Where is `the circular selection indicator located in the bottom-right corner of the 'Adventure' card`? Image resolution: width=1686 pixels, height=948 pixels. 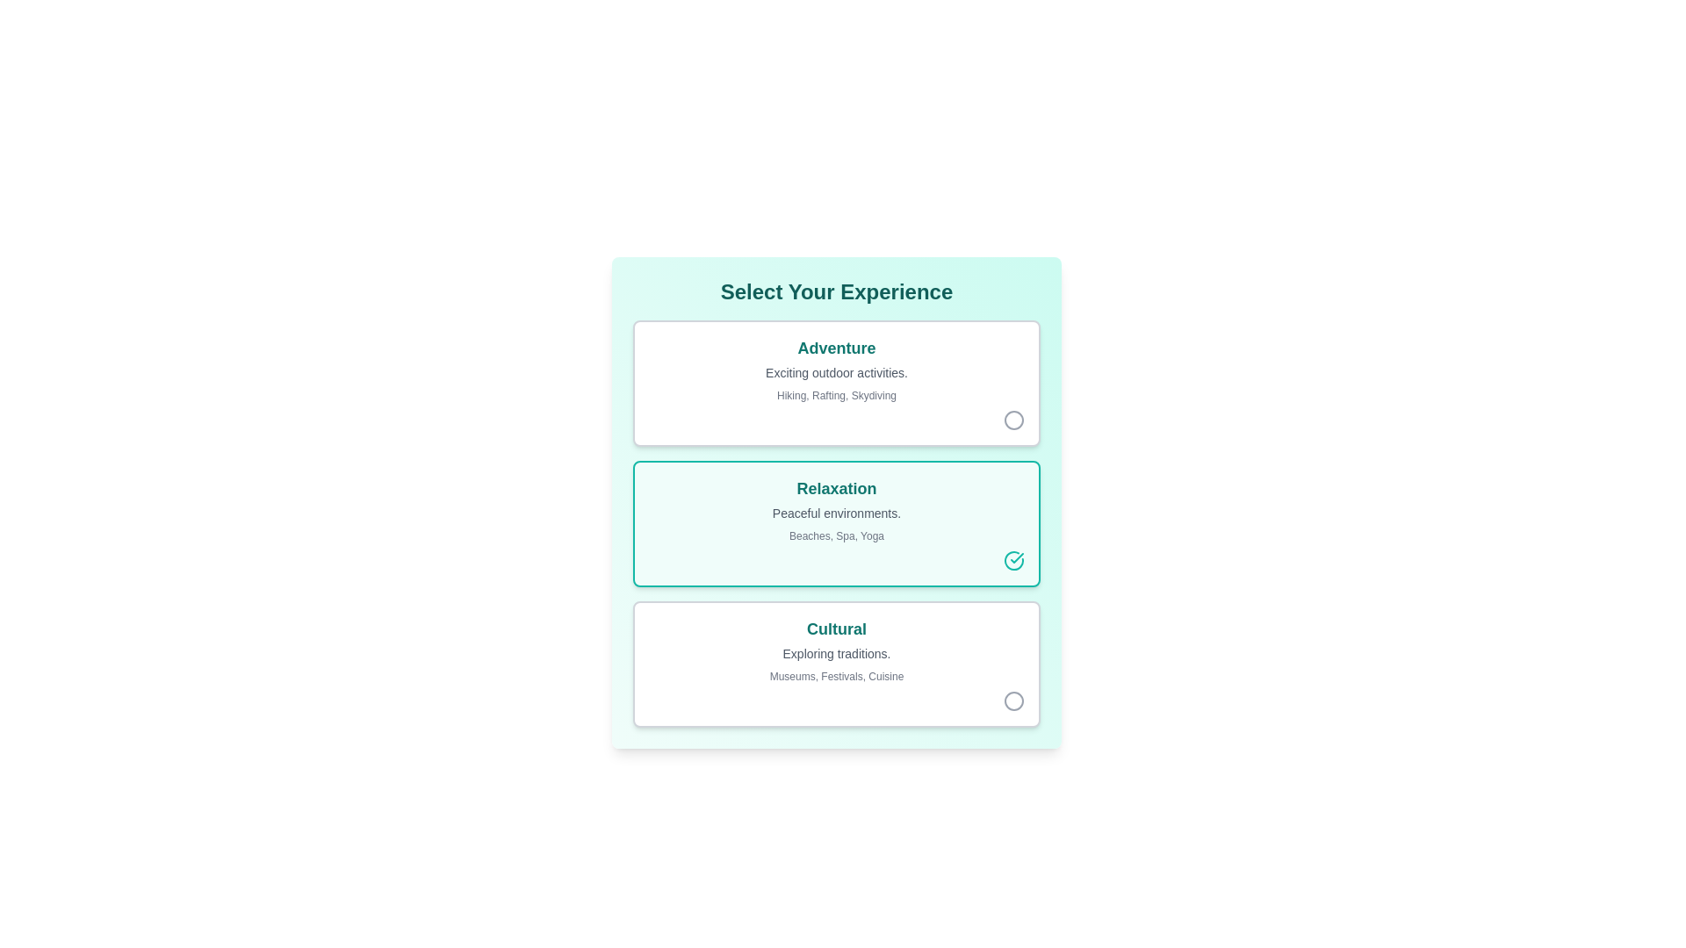
the circular selection indicator located in the bottom-right corner of the 'Adventure' card is located at coordinates (836, 420).